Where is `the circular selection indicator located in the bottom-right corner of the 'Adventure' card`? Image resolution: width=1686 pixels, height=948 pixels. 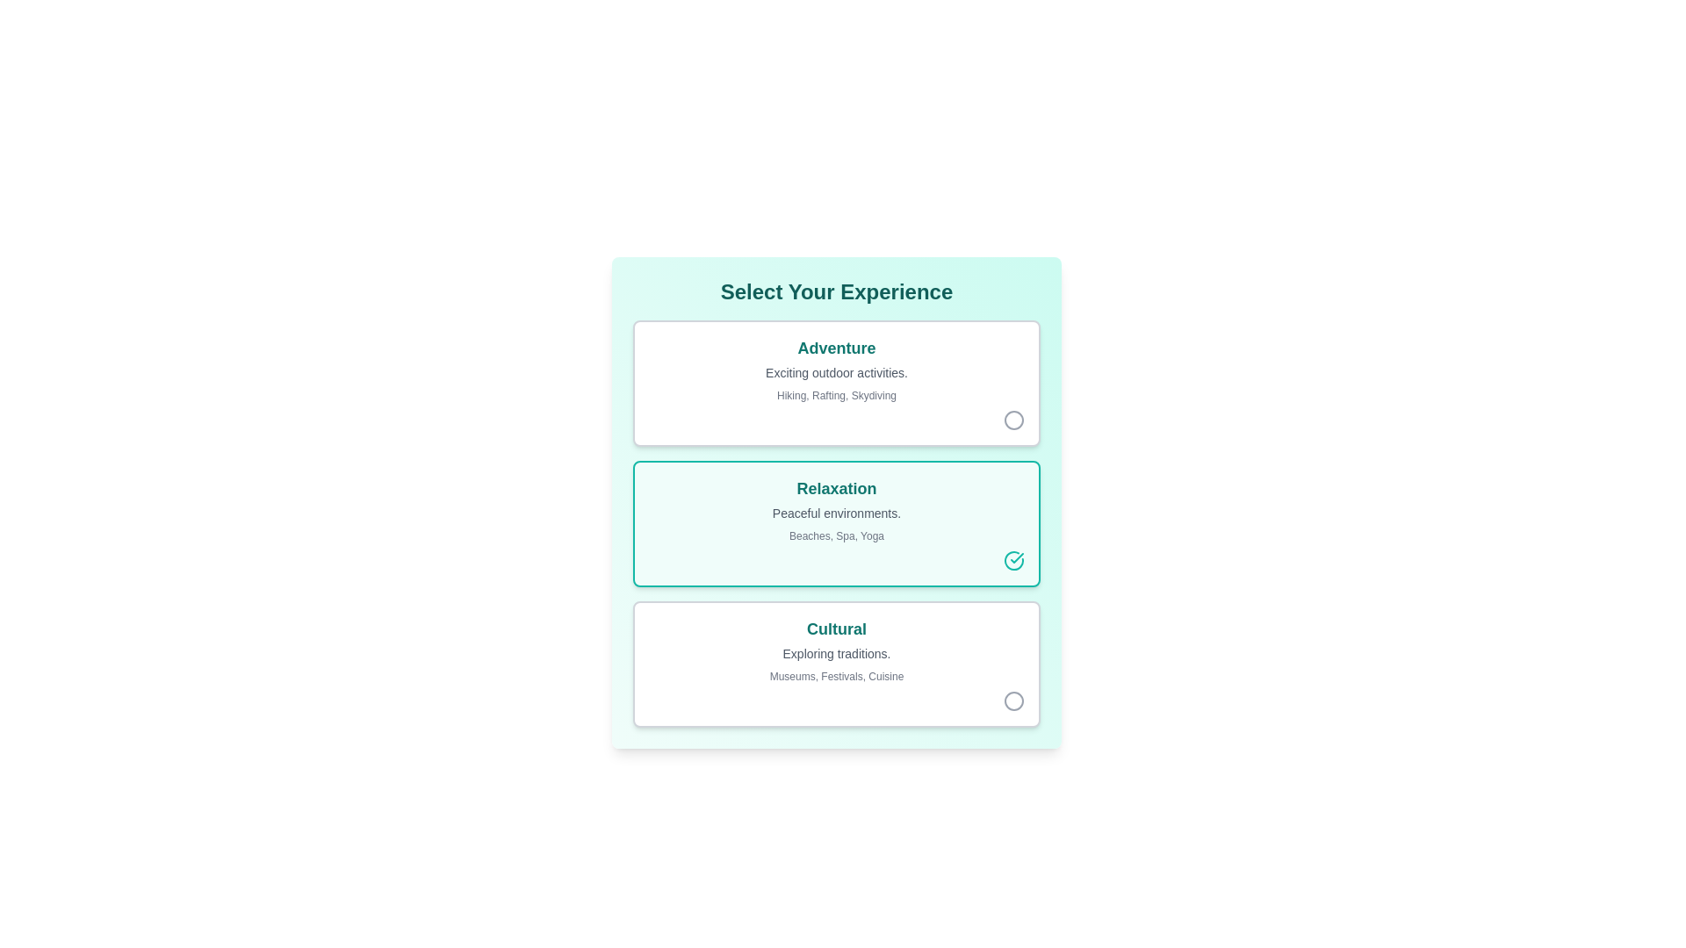
the circular selection indicator located in the bottom-right corner of the 'Adventure' card is located at coordinates (836, 420).